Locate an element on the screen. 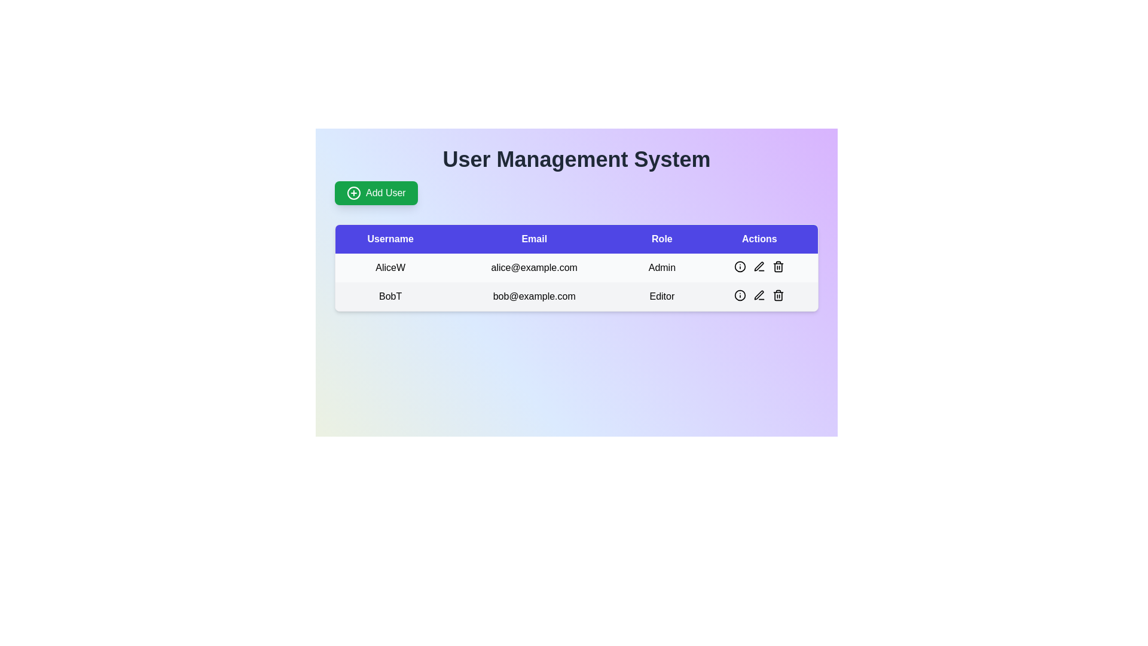 The width and height of the screenshot is (1148, 646). the non-interactive text display field that shows the email address associated with the user 'AliceW', located in the 'Email' column of the first row in the data table is located at coordinates (533, 267).